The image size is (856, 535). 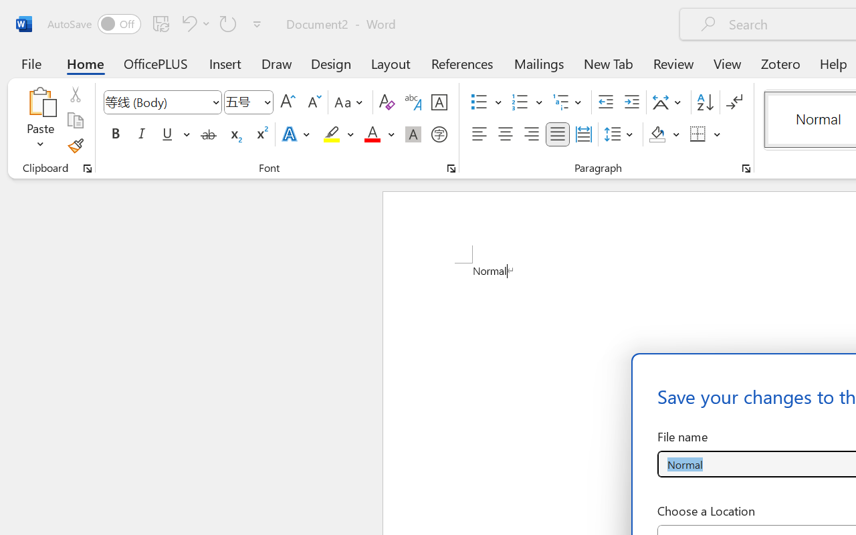 What do you see at coordinates (669, 102) in the screenshot?
I see `'Asian Layout'` at bounding box center [669, 102].